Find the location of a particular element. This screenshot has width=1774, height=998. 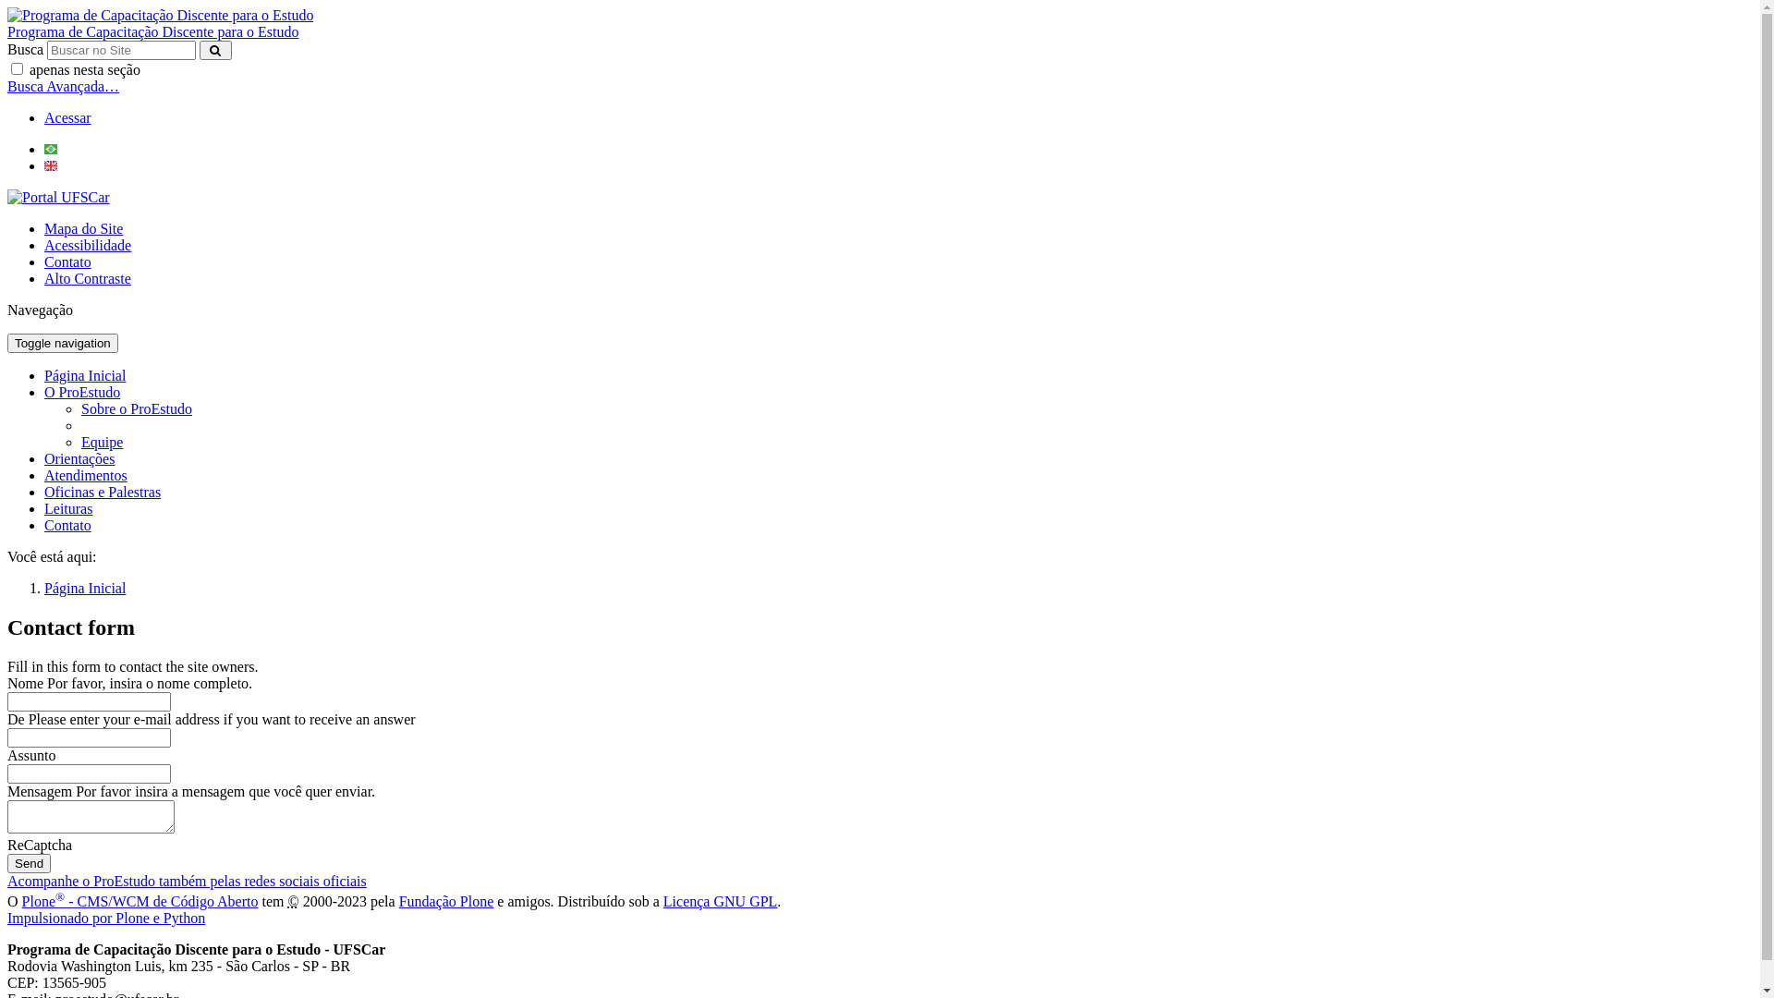

'Sobre o ProEstudo' is located at coordinates (79, 408).